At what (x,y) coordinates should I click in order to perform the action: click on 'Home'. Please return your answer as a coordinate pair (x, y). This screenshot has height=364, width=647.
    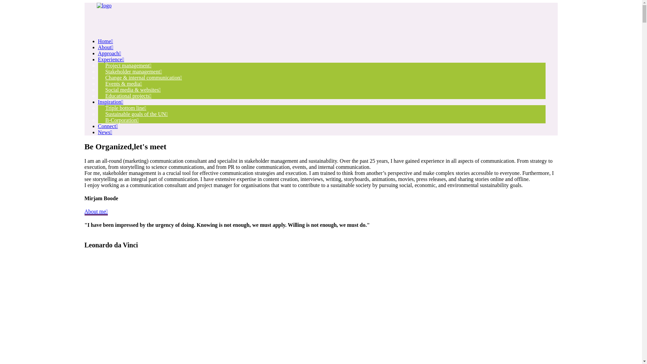
    Looking at the image, I should click on (105, 41).